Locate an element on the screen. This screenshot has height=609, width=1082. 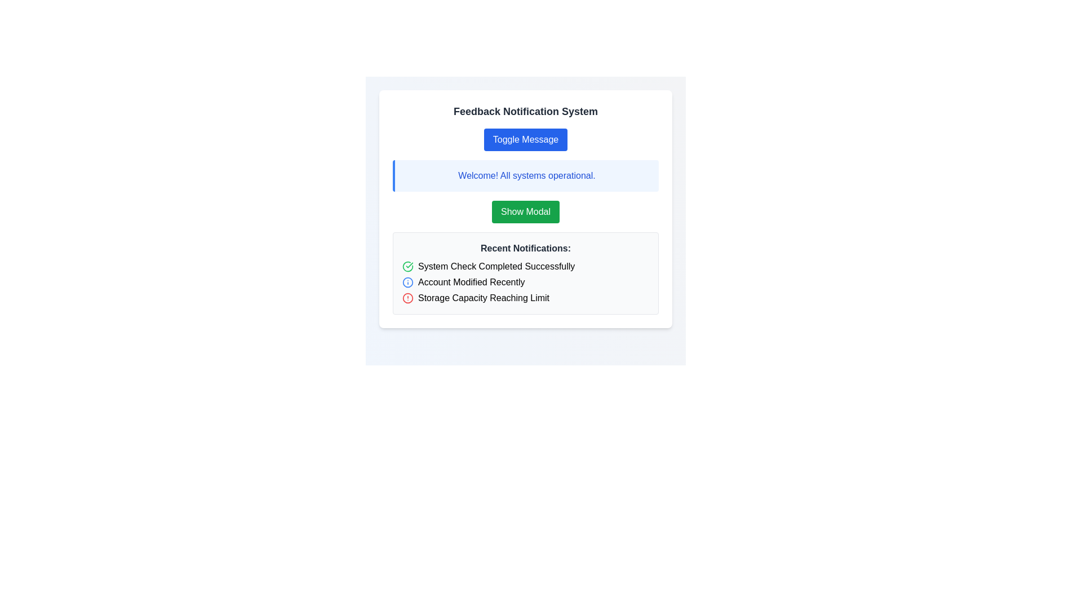
the green rectangular button labeled 'Show Modal' is located at coordinates (525, 214).